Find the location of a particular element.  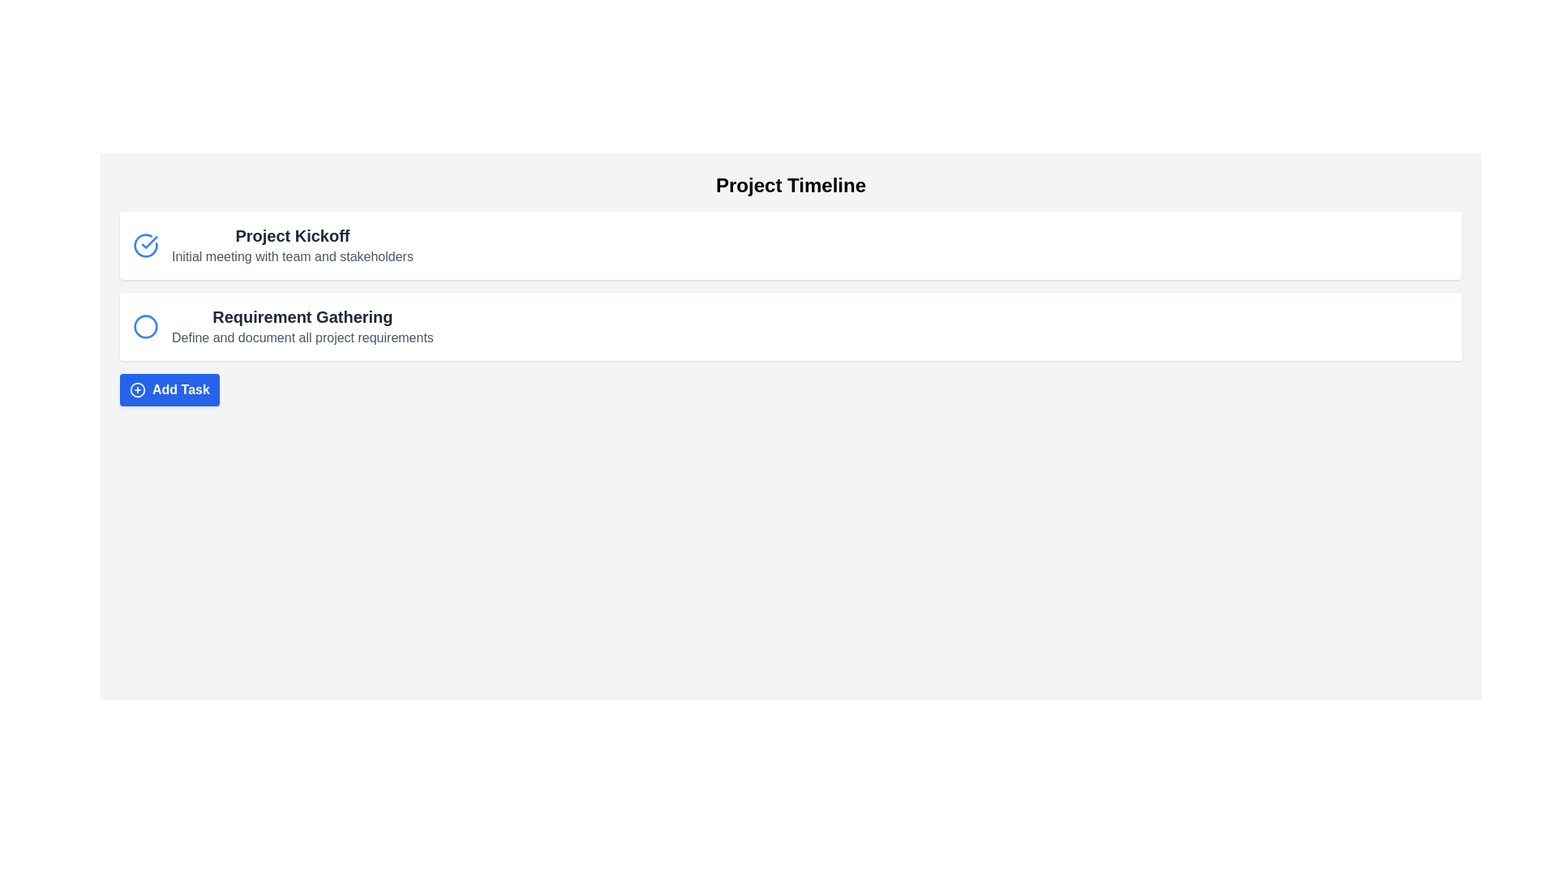

the Text Item representing the task title and subtext located below the 'Project Timeline' header in the project management interface is located at coordinates (292, 246).